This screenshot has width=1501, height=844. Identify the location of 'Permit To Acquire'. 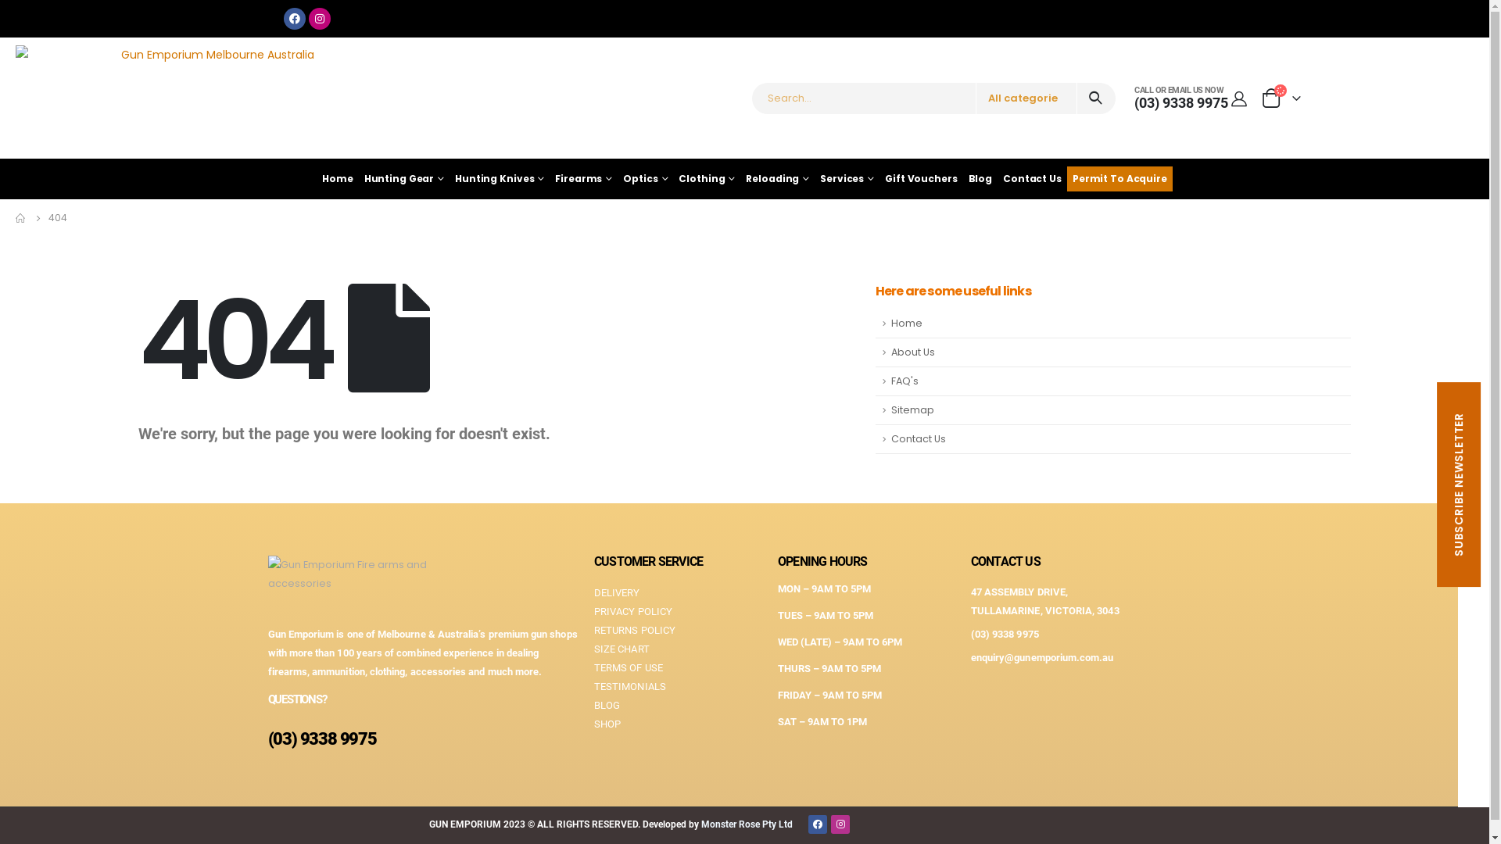
(1119, 177).